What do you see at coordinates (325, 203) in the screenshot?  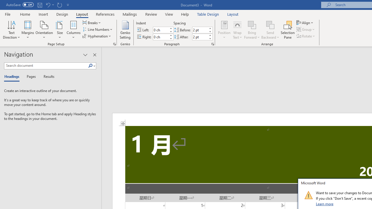 I see `'Learn more'` at bounding box center [325, 203].